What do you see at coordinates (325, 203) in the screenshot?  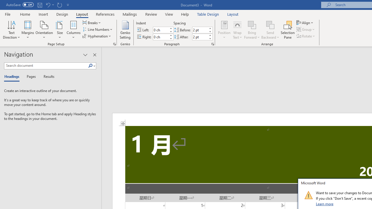 I see `'Learn more'` at bounding box center [325, 203].